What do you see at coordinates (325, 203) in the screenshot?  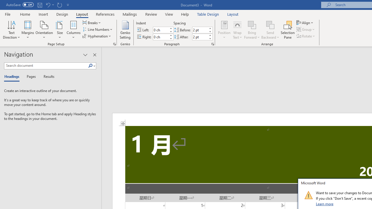 I see `'Learn more'` at bounding box center [325, 203].